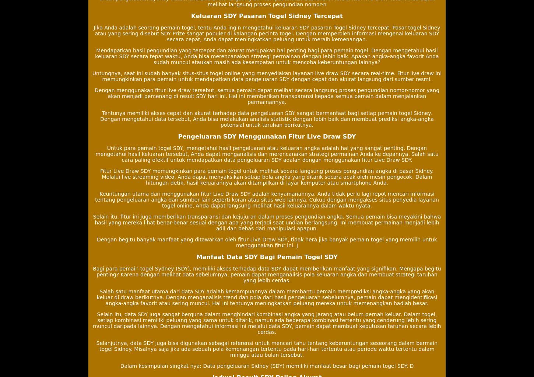  What do you see at coordinates (266, 274) in the screenshot?
I see `'Bagi para pemain togel Sydney (SDY), memiliki akses terhadap data SDY dapat memberikan manfaat yang signifikan. Mengapa begitu penting? Karena dengan melihat data sebelumnya, pemain dapat menganalisis pola keluaran angka dan membuat strategi taruhan yang lebih cerdas.'` at bounding box center [266, 274].